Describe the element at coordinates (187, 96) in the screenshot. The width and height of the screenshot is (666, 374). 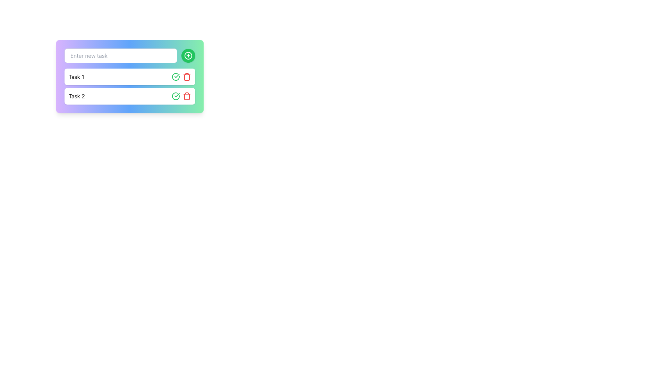
I see `the delete button located in the second row of the task list, on the far right, next to a green checkmark icon` at that location.